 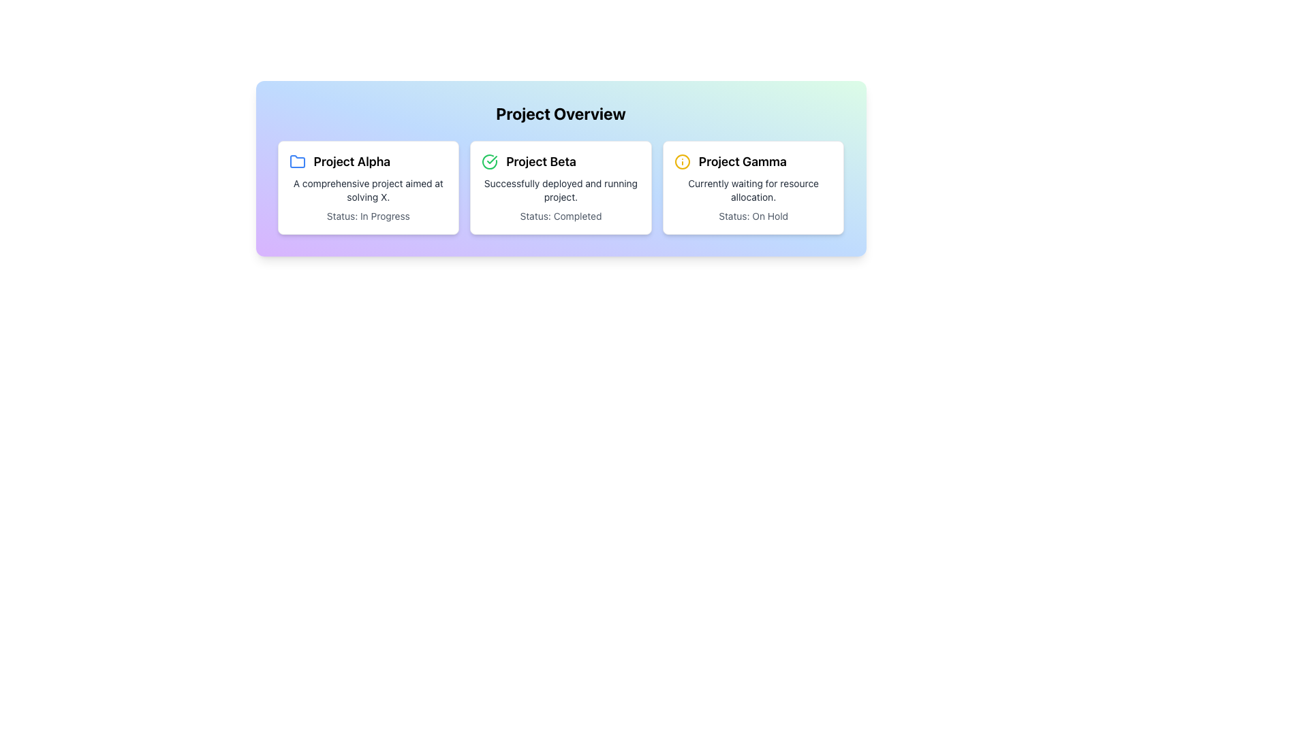 I want to click on the folder icon representing the 'Project Alpha' entity, located in the top-left corner of the 'Project Alpha' card, so click(x=296, y=161).